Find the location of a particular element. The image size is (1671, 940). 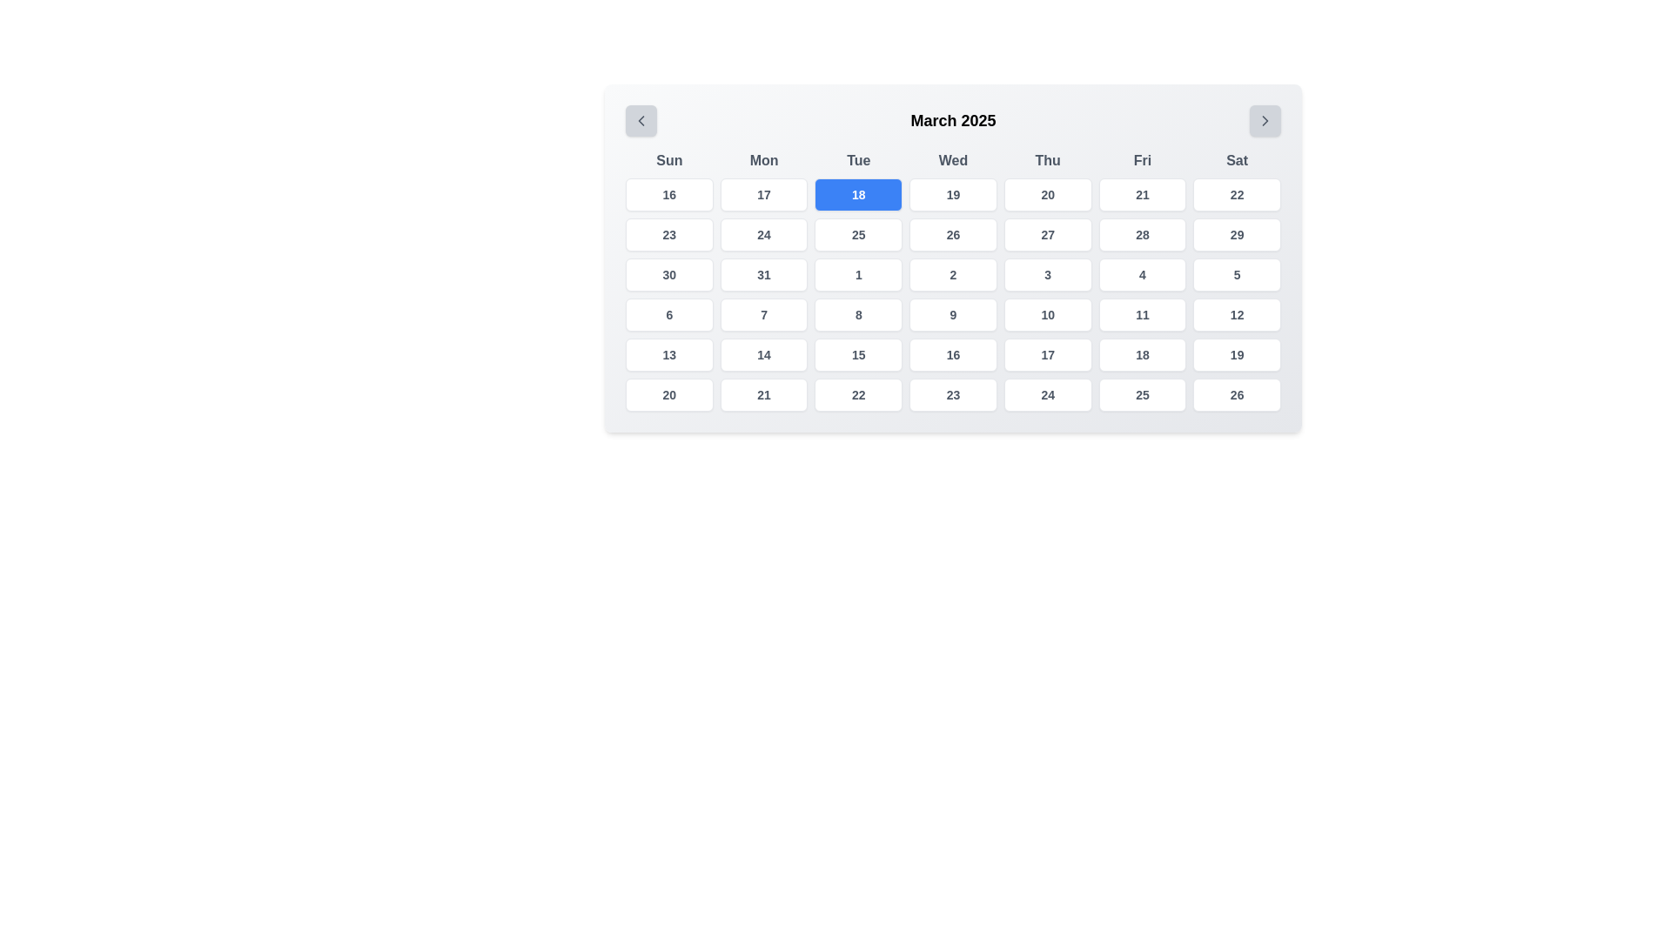

the calendar button representing the date '2' in the fifth row and fourth column is located at coordinates (952, 274).